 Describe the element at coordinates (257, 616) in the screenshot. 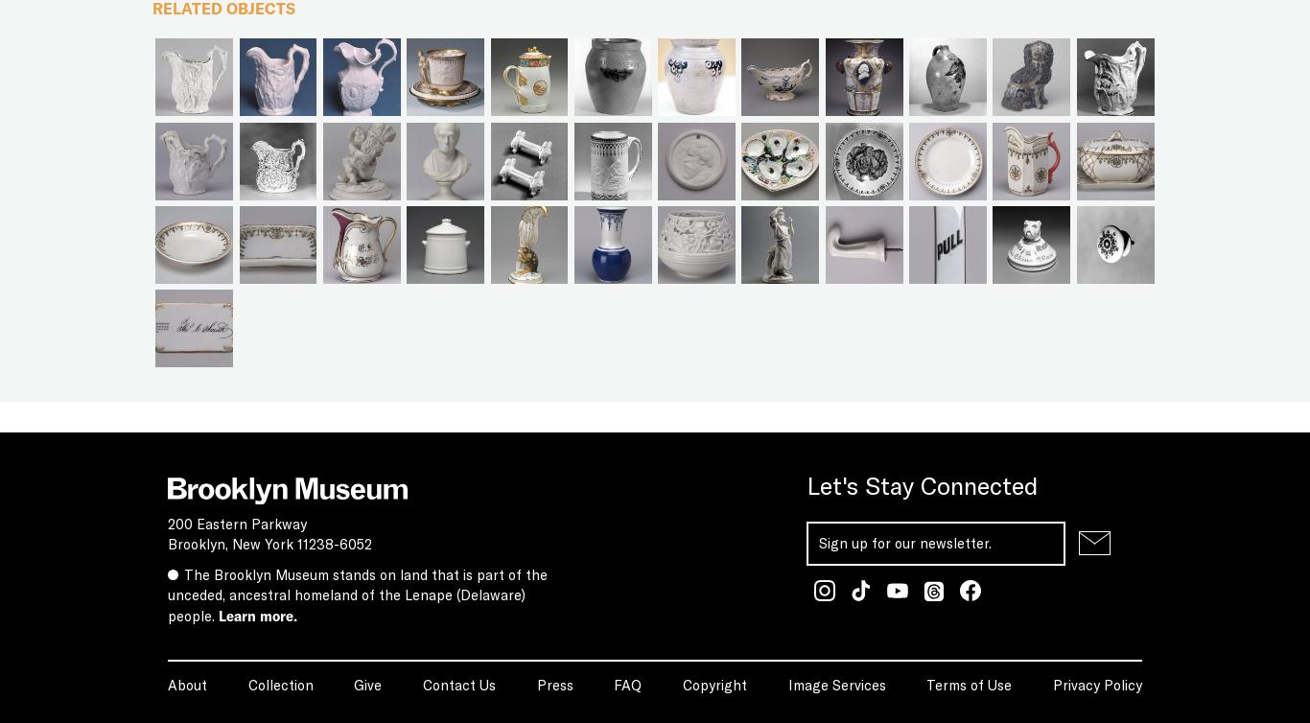

I see `'Learn more.'` at that location.